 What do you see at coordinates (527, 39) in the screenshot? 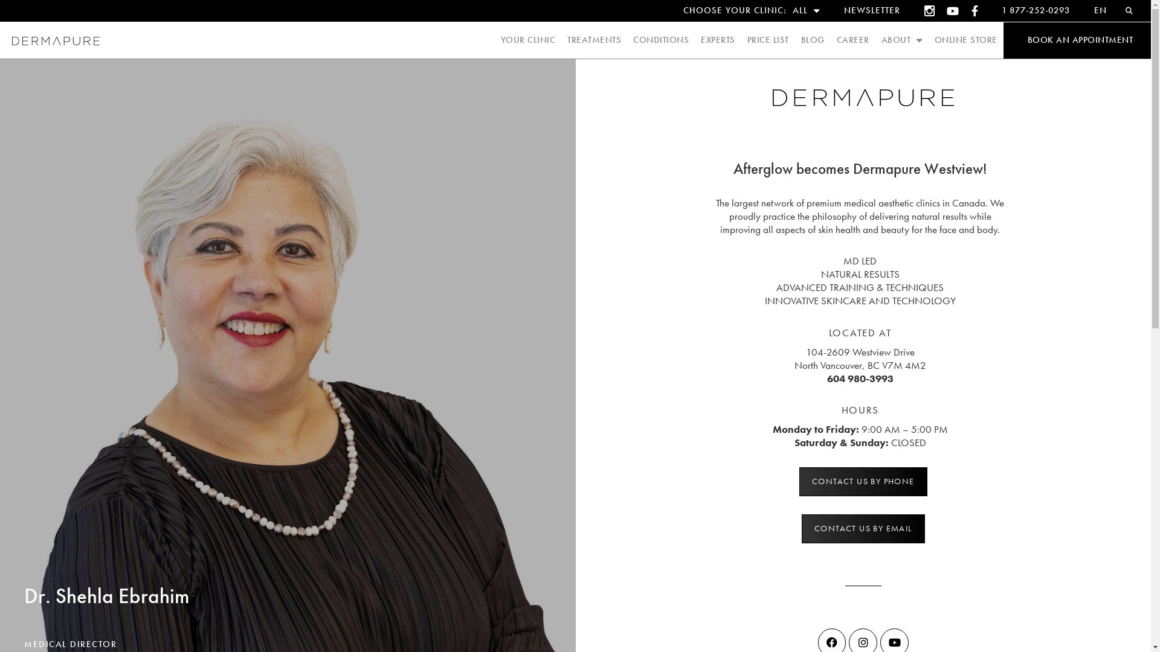
I see `'YOUR CLINIC'` at bounding box center [527, 39].